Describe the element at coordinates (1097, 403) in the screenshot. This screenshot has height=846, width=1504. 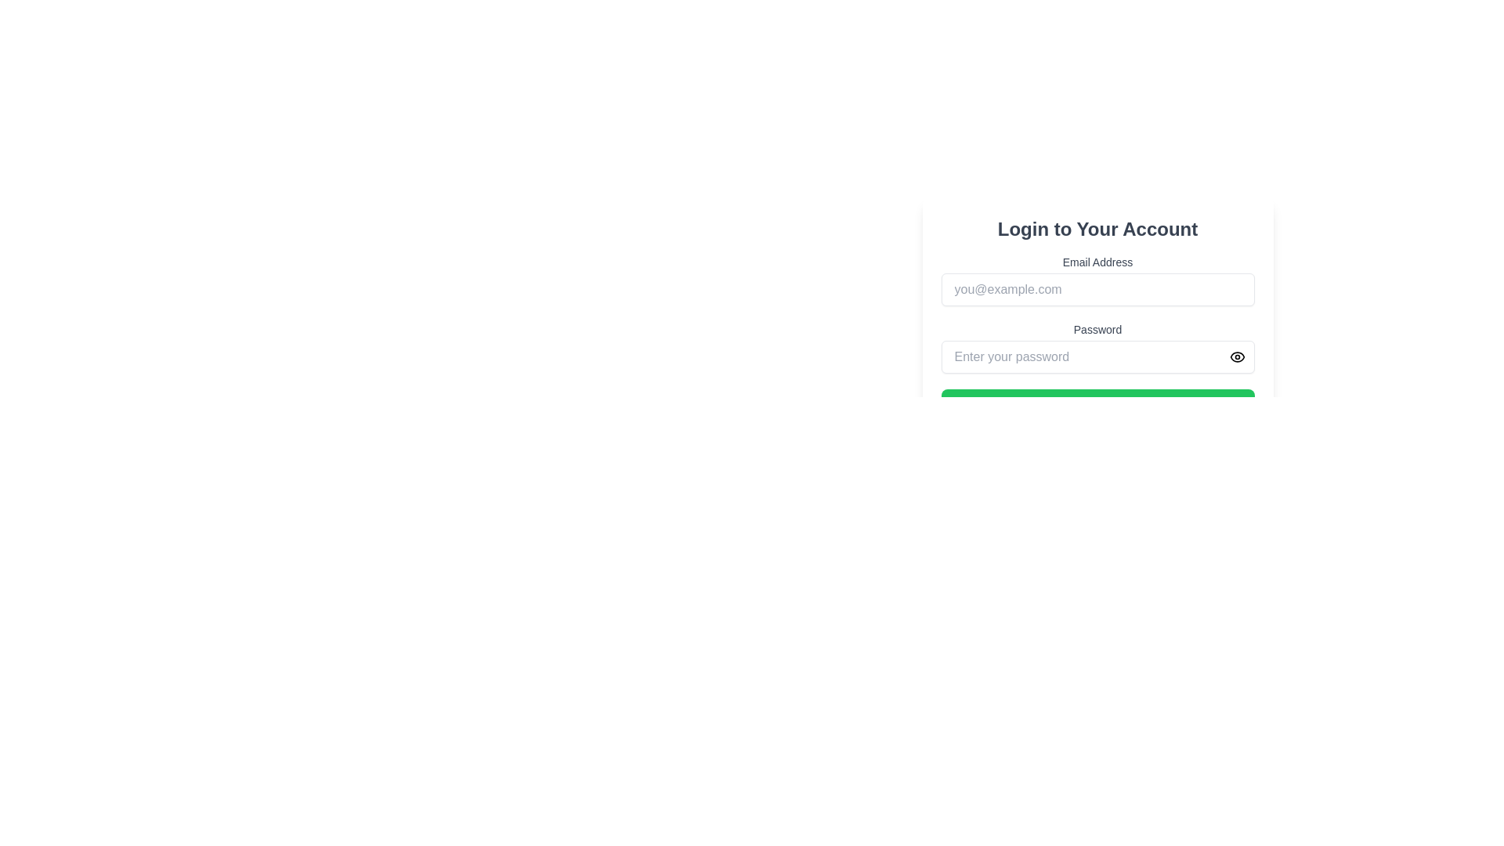
I see `the green 'Login' button with white bold text` at that location.